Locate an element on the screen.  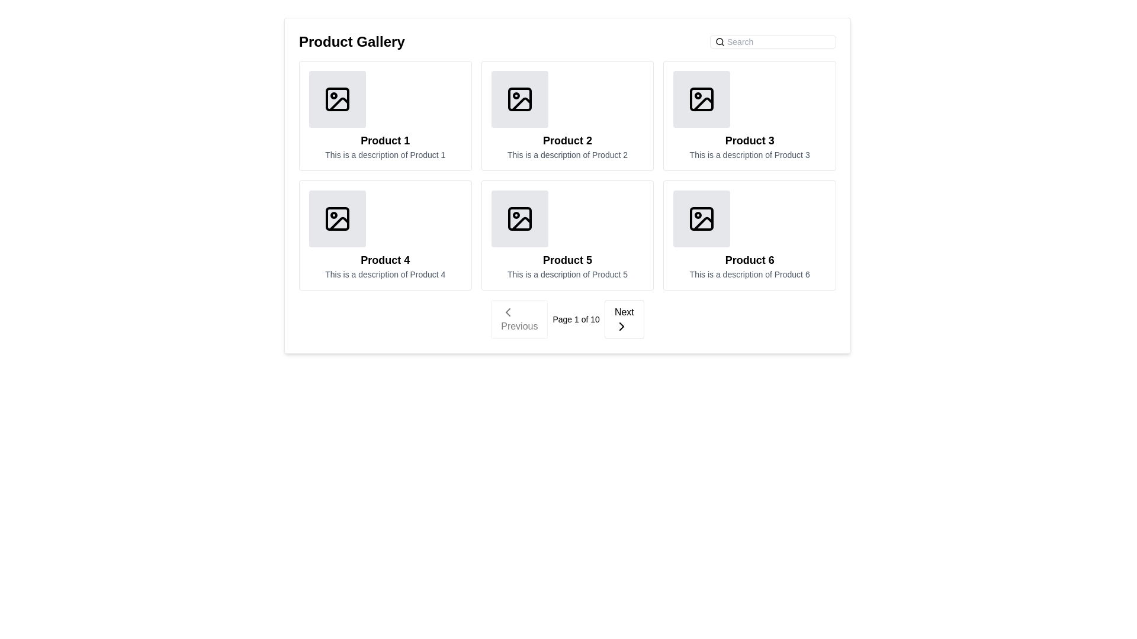
text content of the non-interactive Text label located in the second product card below the title 'Product 2' is located at coordinates (567, 154).